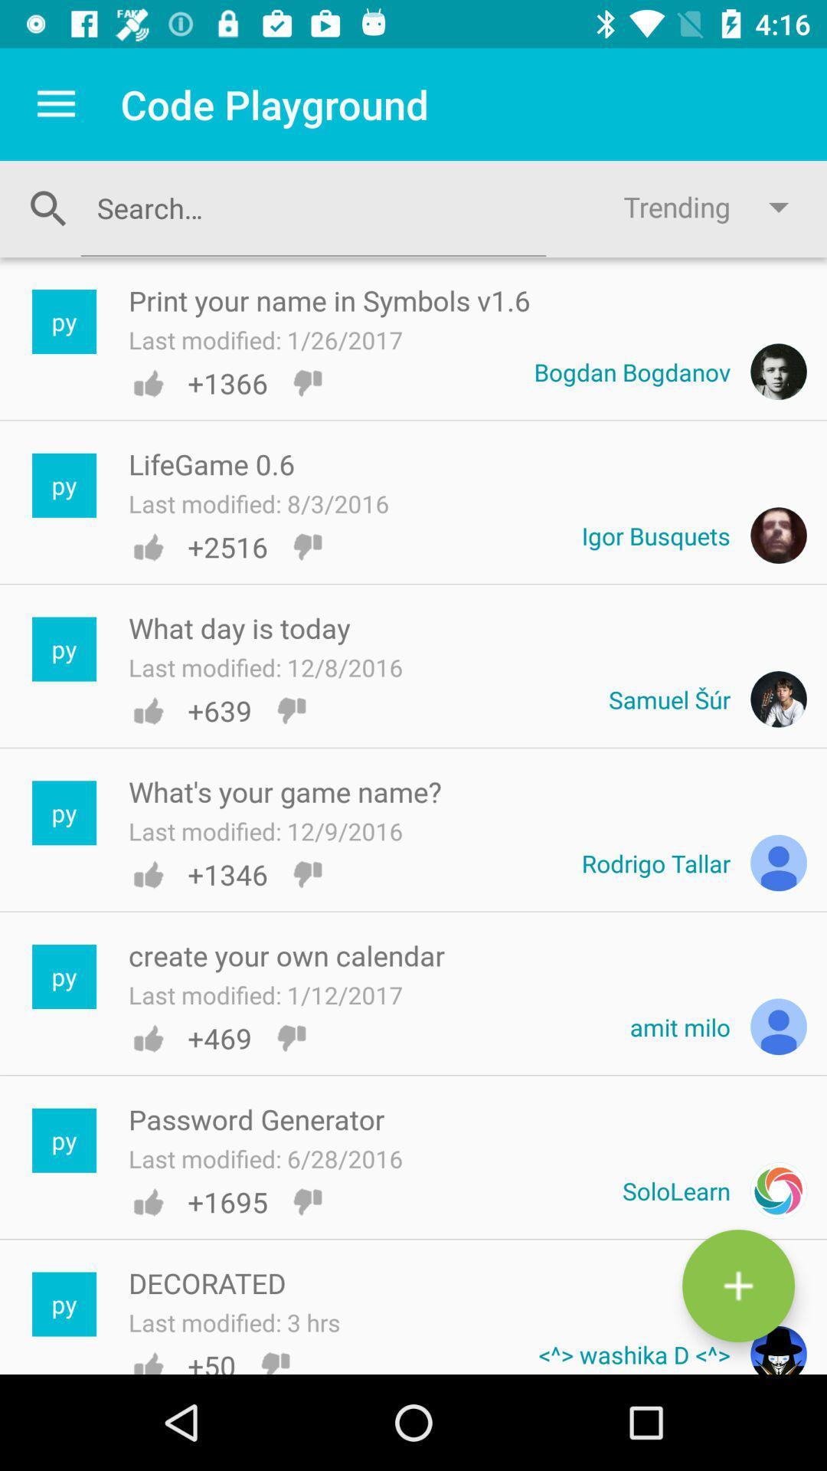 The height and width of the screenshot is (1471, 827). I want to click on search textbox, so click(312, 207).